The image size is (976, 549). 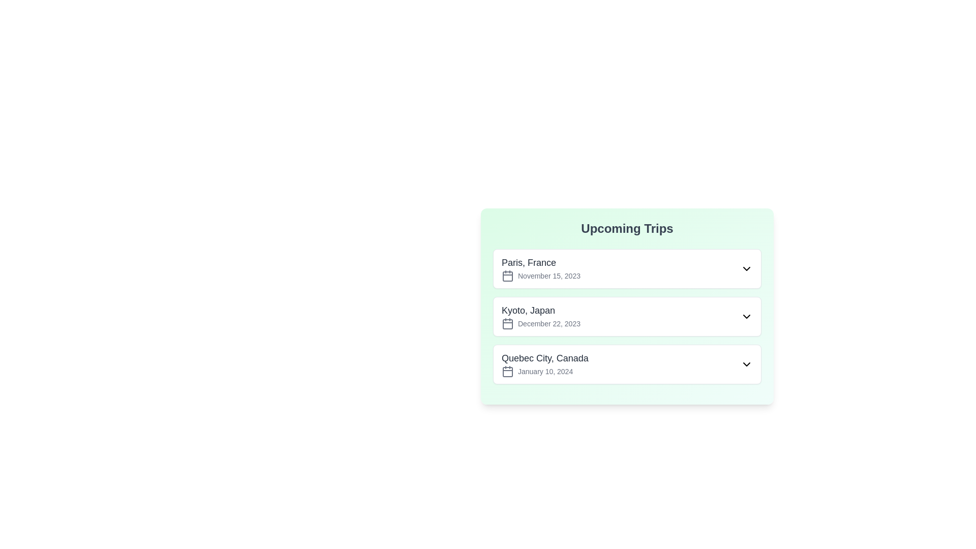 What do you see at coordinates (746, 268) in the screenshot?
I see `the chevron icon in the topmost row of the travel destinations section, aligned to the right of 'Paris, France November 15, 2023'` at bounding box center [746, 268].